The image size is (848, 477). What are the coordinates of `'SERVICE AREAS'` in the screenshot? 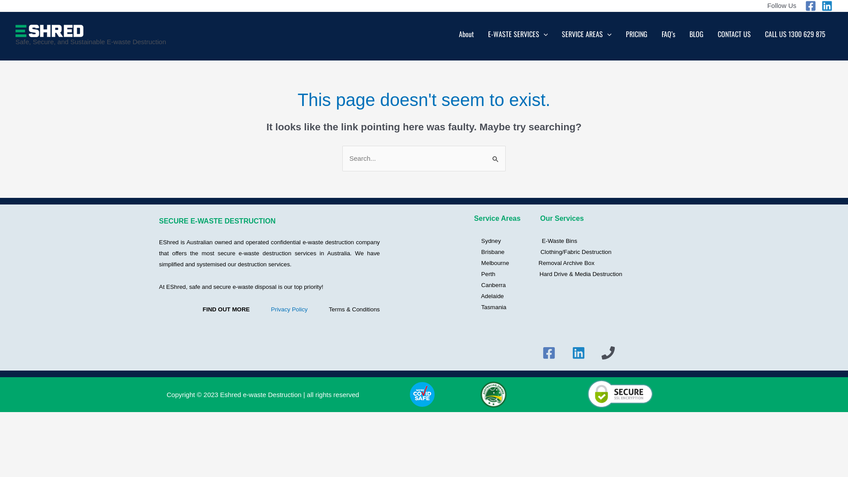 It's located at (587, 35).